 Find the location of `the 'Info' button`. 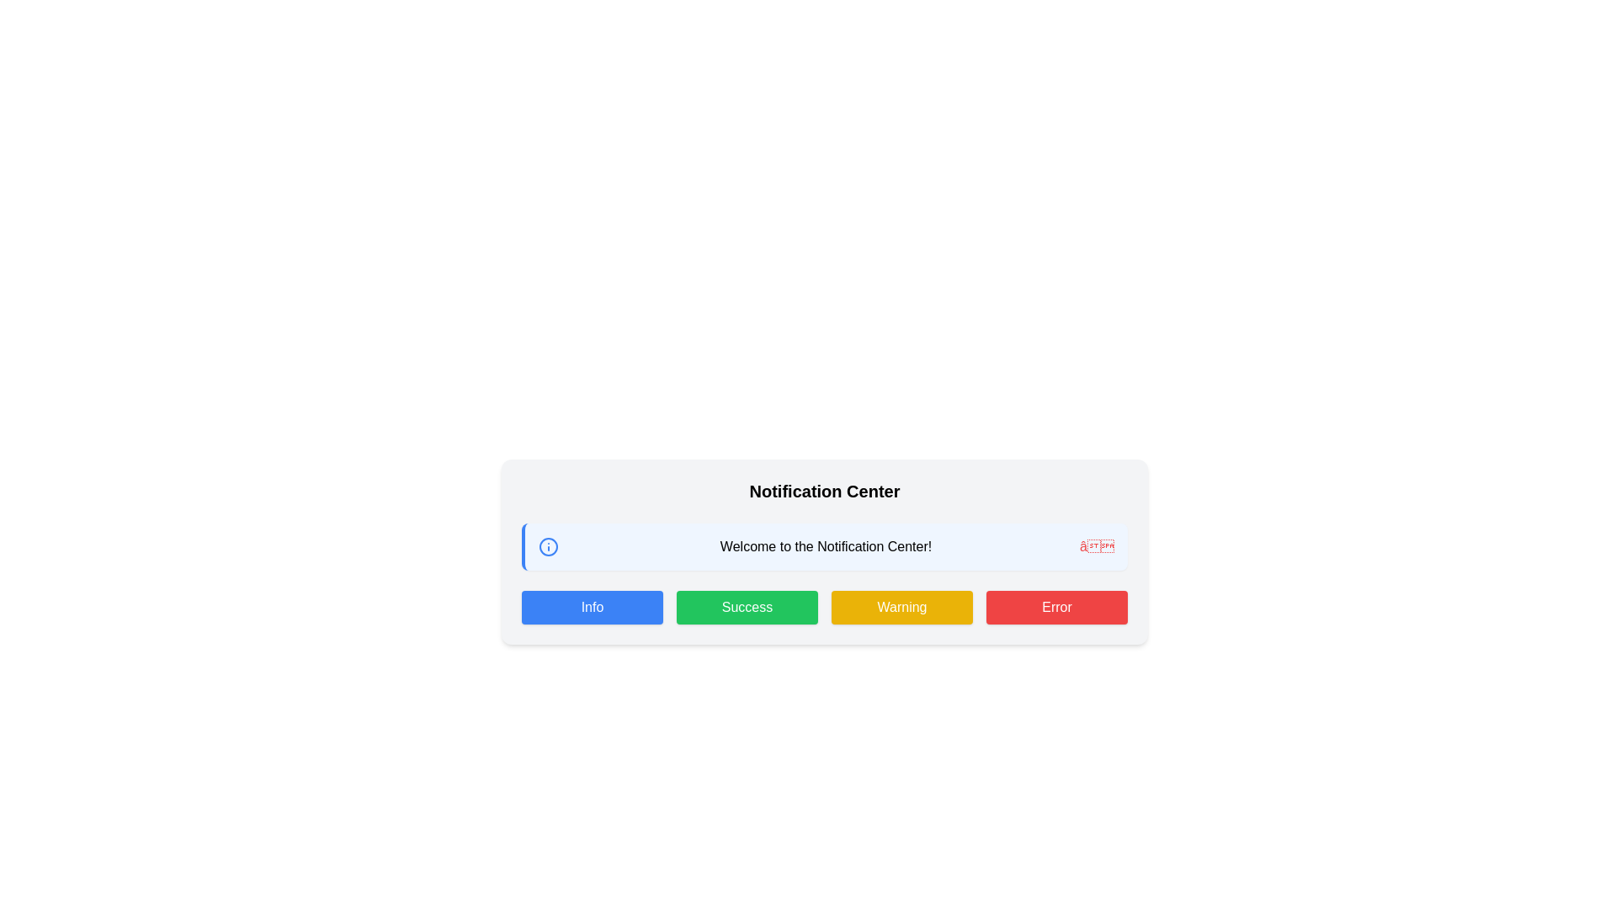

the 'Info' button is located at coordinates (593, 607).